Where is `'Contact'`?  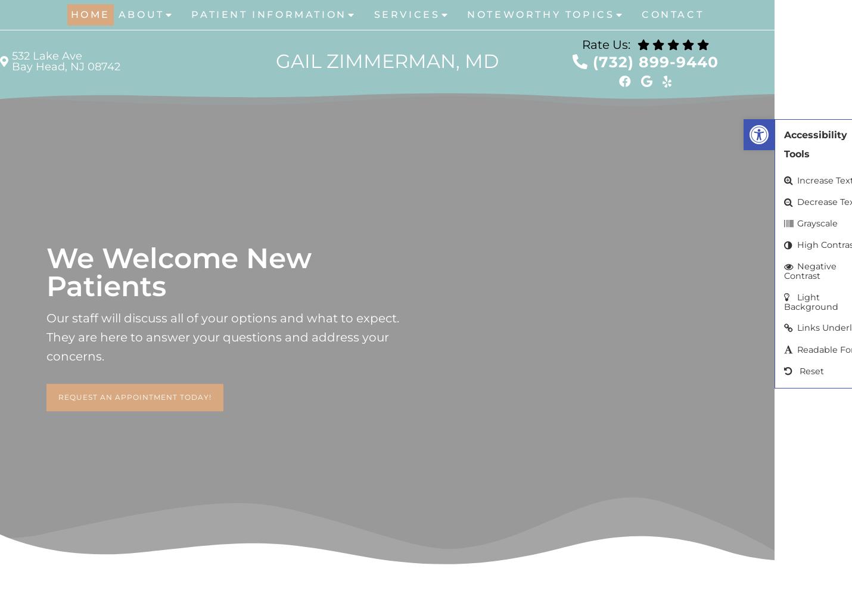 'Contact' is located at coordinates (672, 14).